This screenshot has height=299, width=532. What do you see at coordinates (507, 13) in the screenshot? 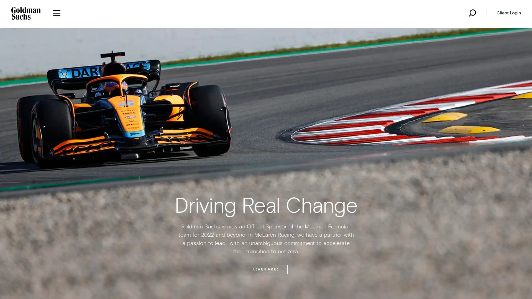
I see `Client Login` at bounding box center [507, 13].